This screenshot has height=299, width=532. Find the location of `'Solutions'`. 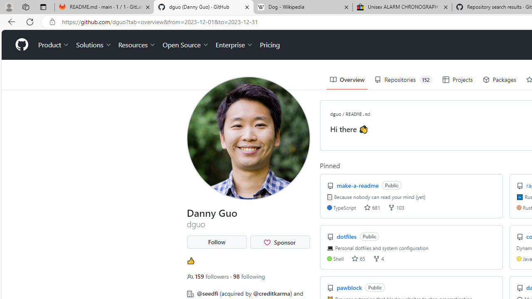

'Solutions' is located at coordinates (94, 45).